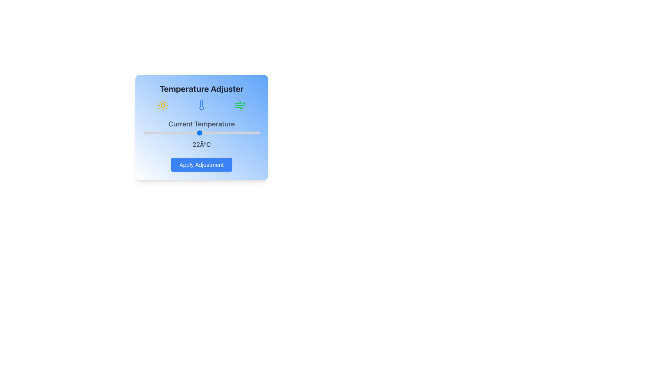  Describe the element at coordinates (190, 133) in the screenshot. I see `temperature` at that location.